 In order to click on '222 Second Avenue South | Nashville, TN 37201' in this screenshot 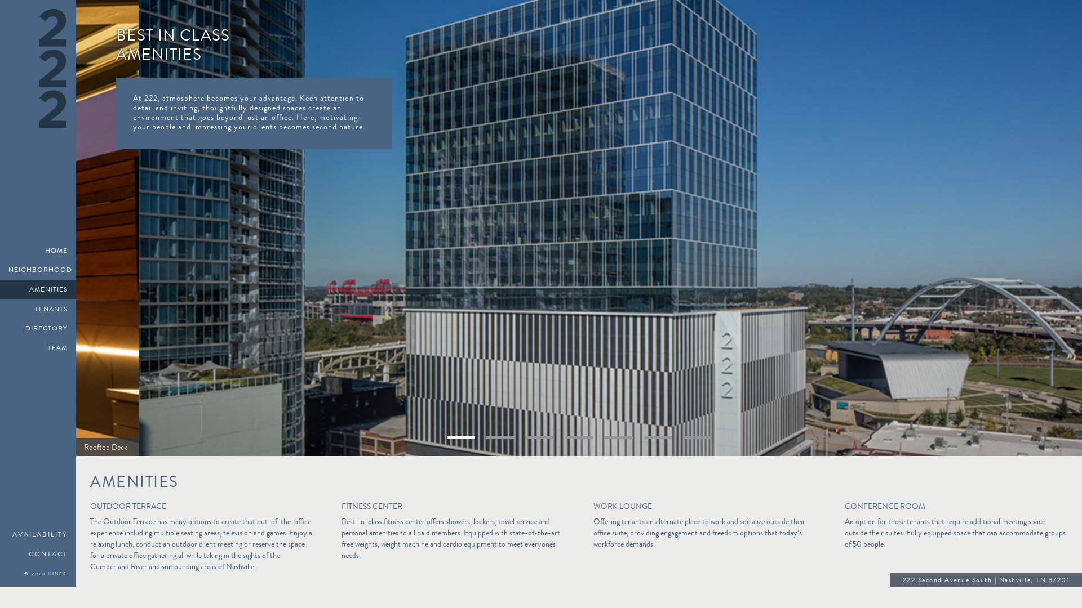, I will do `click(986, 581)`.